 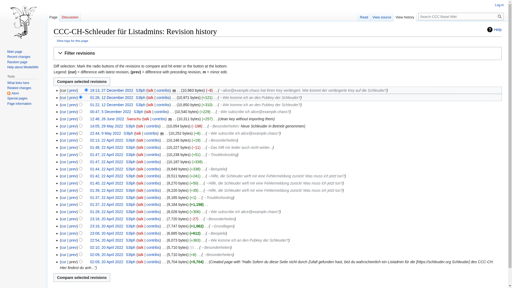 I want to click on 'contribs', so click(x=163, y=90).